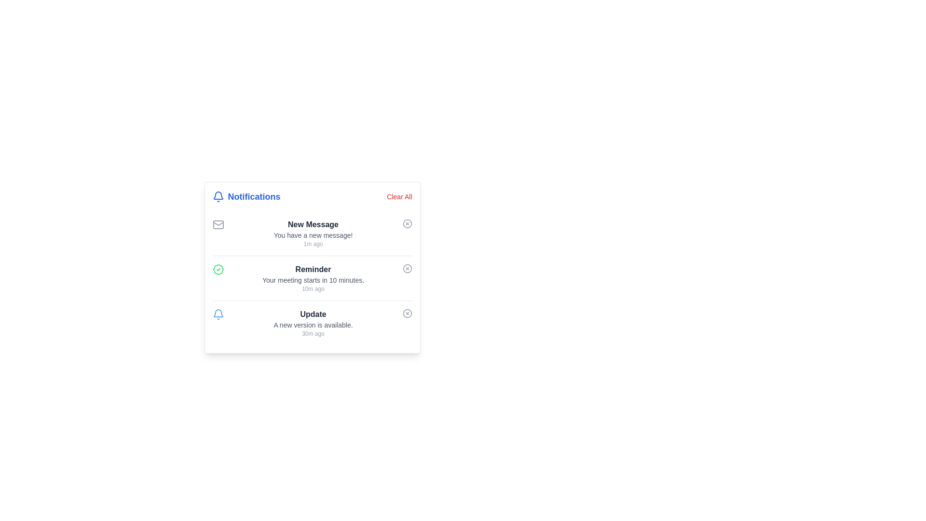 The image size is (926, 521). I want to click on the circular close icon button with a central cross design located in the notification item titled 'New Message', positioned to the right of the item's text details, so click(407, 223).